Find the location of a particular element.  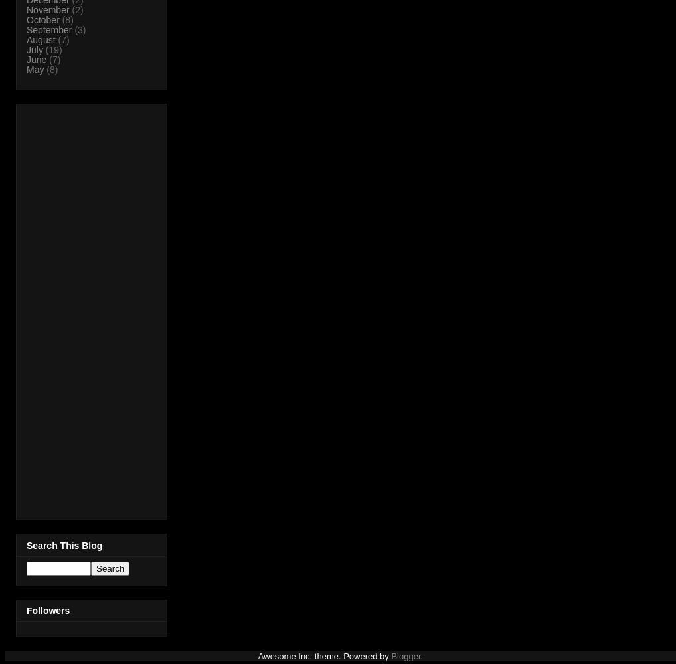

'.' is located at coordinates (421, 655).